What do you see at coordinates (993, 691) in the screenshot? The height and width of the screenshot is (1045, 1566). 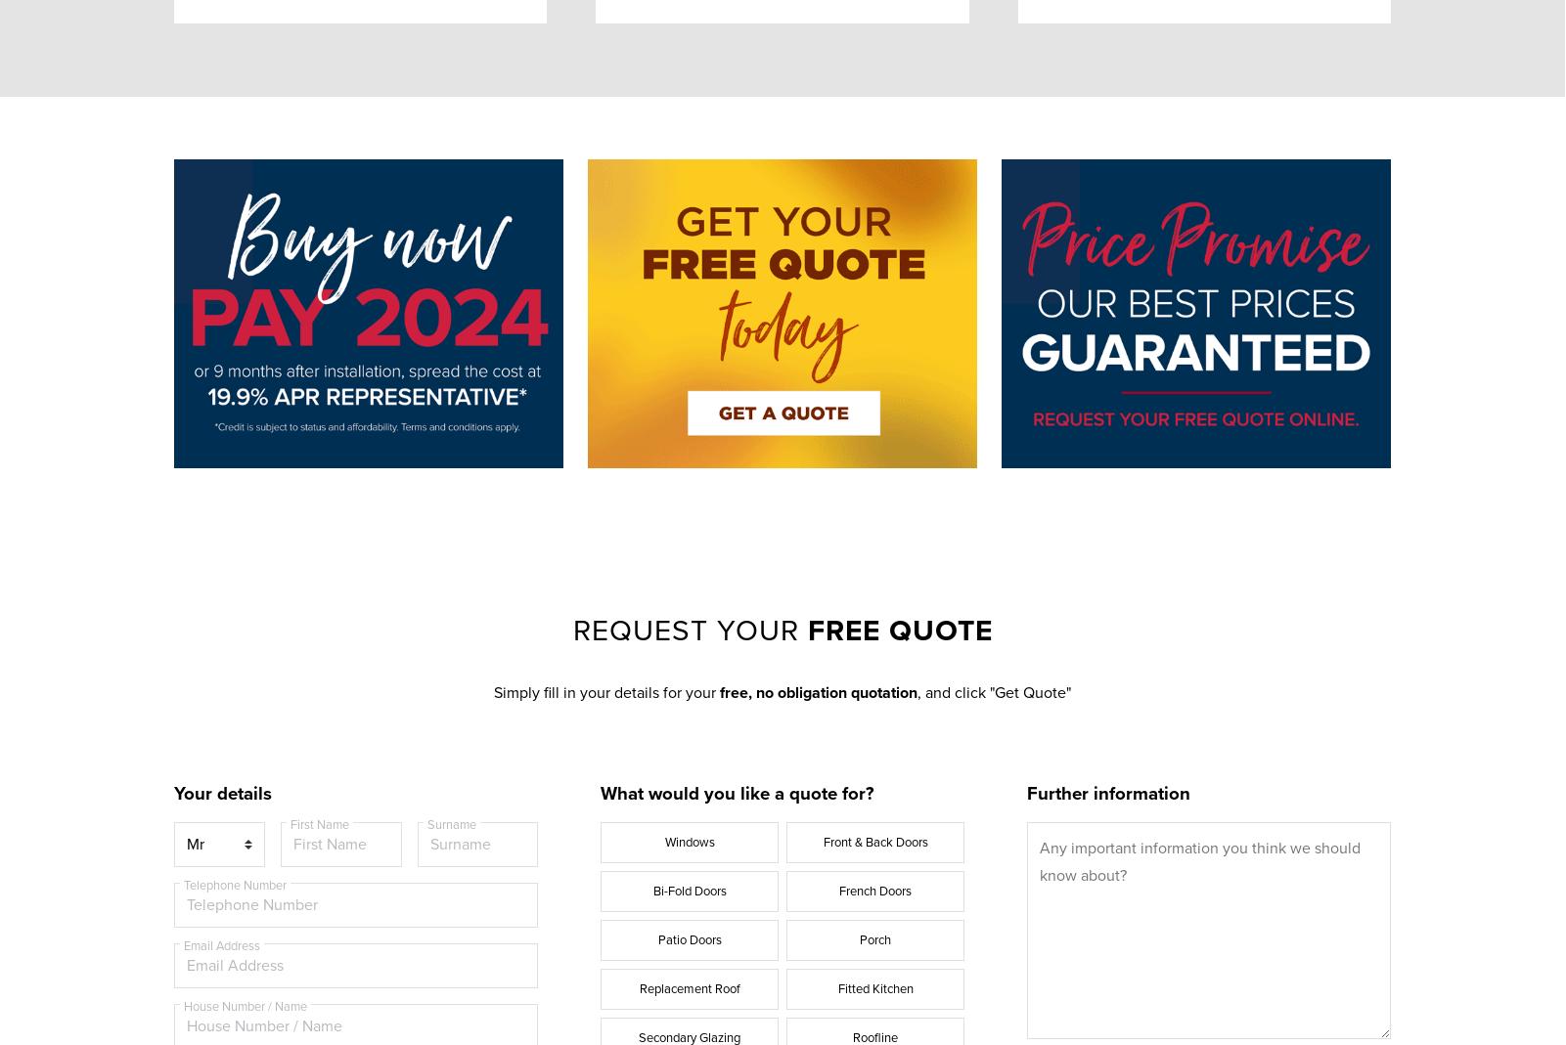 I see `', and click "Get Quote"'` at bounding box center [993, 691].